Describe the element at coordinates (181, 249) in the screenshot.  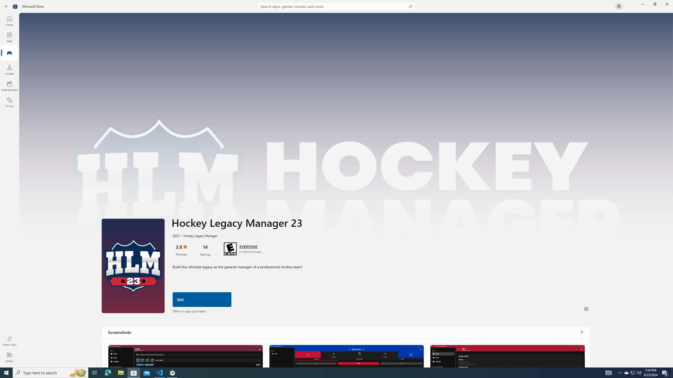
I see `'3.8 stars. Click to skip to ratings and reviews'` at that location.